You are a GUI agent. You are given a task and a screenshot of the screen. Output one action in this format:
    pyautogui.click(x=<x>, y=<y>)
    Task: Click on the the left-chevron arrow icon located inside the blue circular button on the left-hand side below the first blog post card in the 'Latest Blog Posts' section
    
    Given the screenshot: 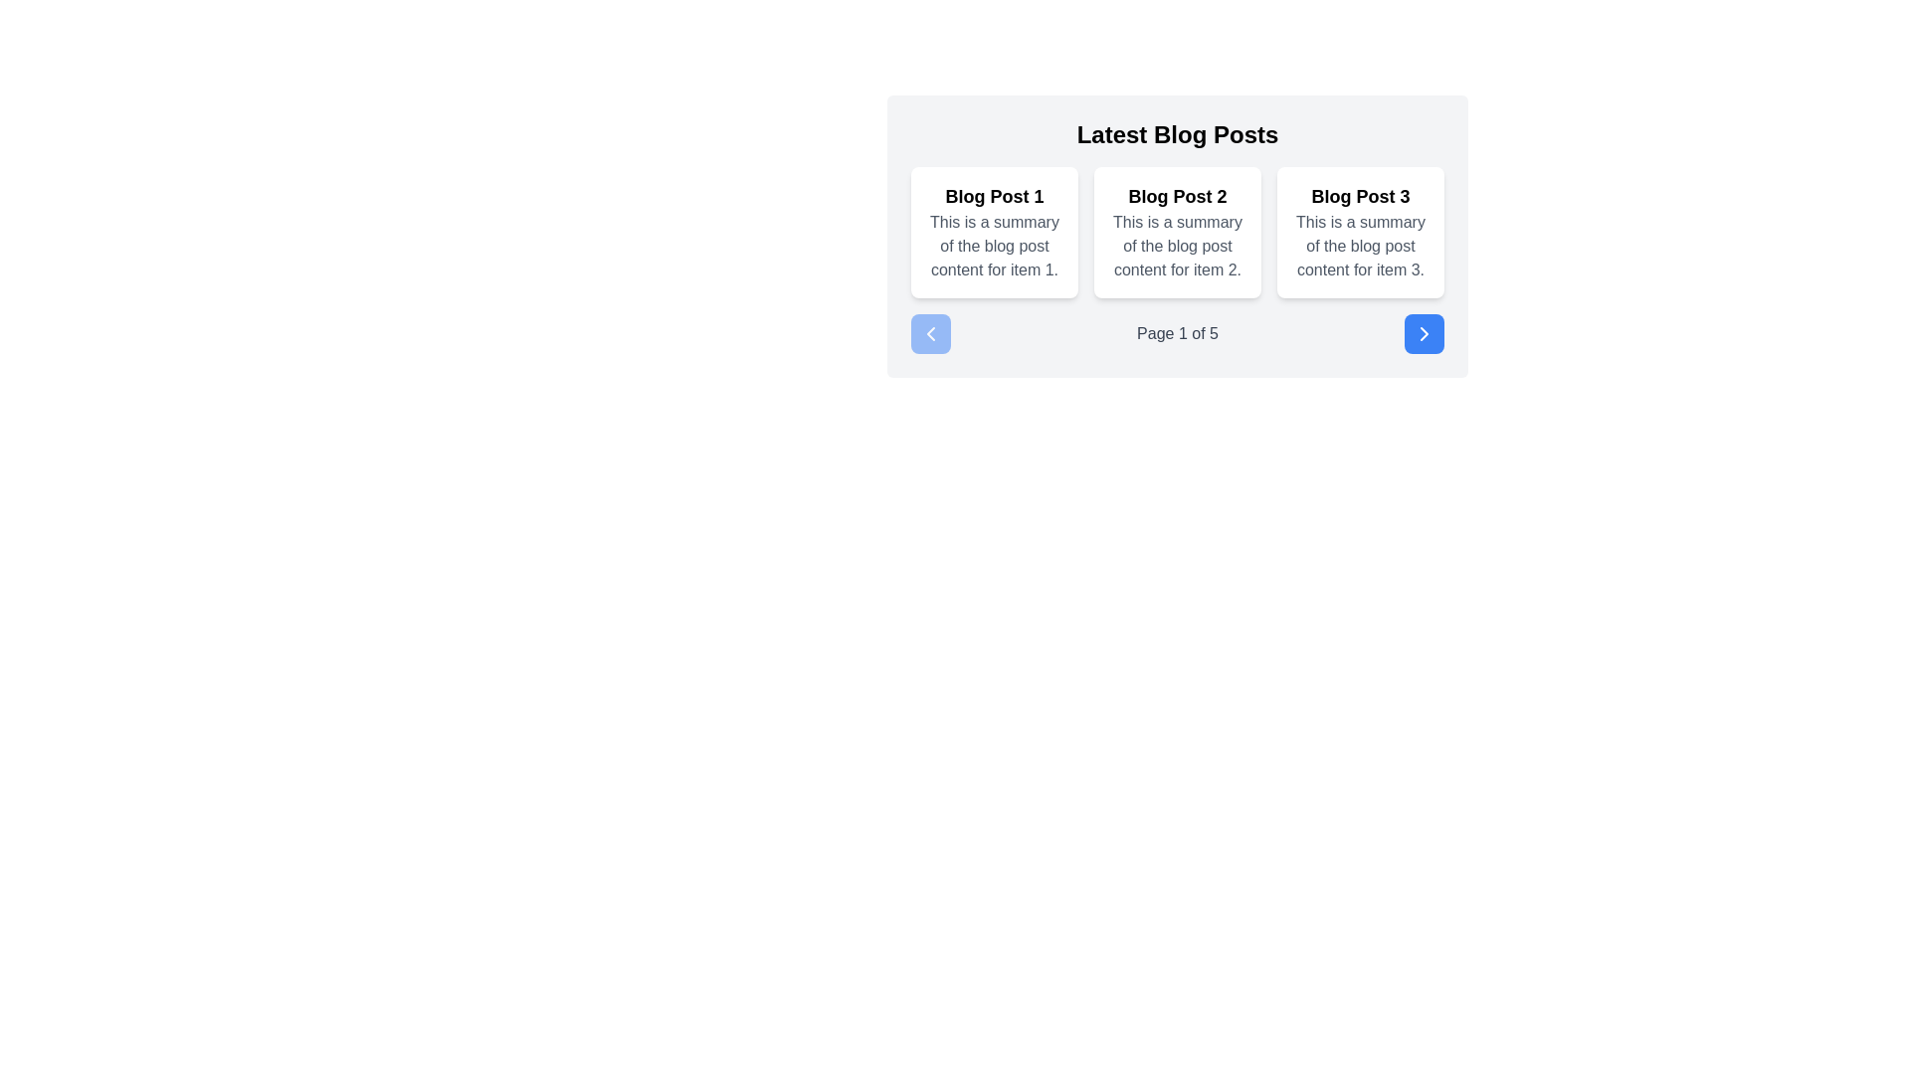 What is the action you would take?
    pyautogui.click(x=930, y=332)
    